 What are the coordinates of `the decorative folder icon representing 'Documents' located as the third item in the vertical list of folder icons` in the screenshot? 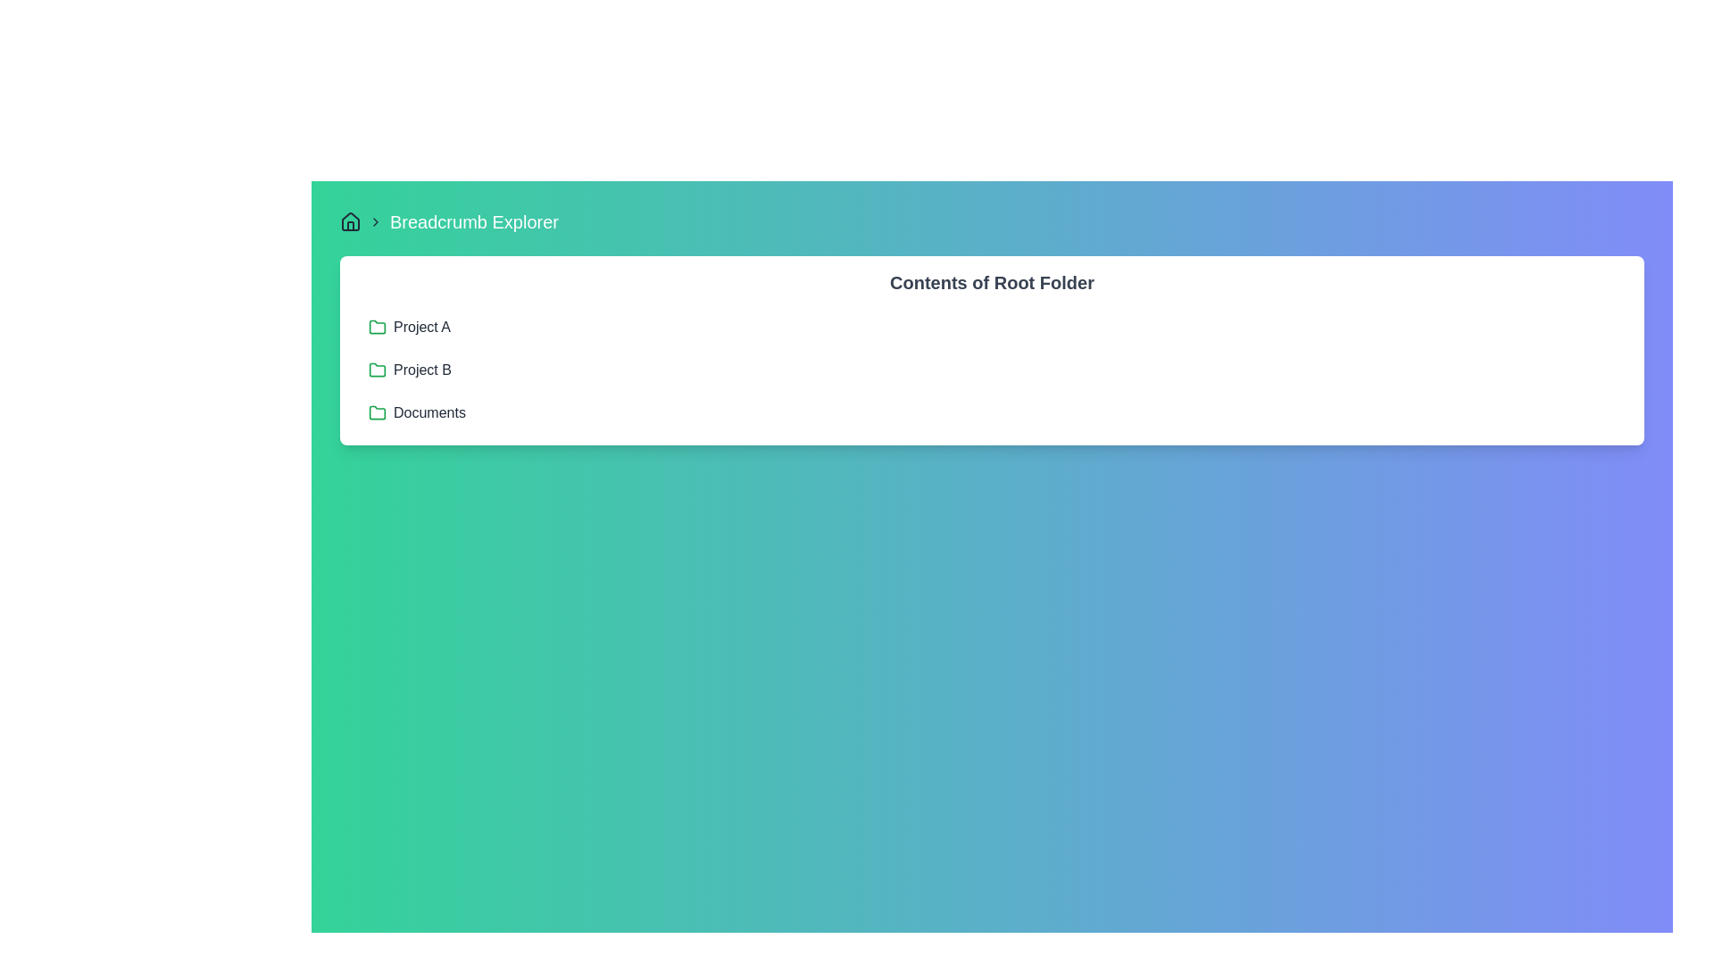 It's located at (376, 412).